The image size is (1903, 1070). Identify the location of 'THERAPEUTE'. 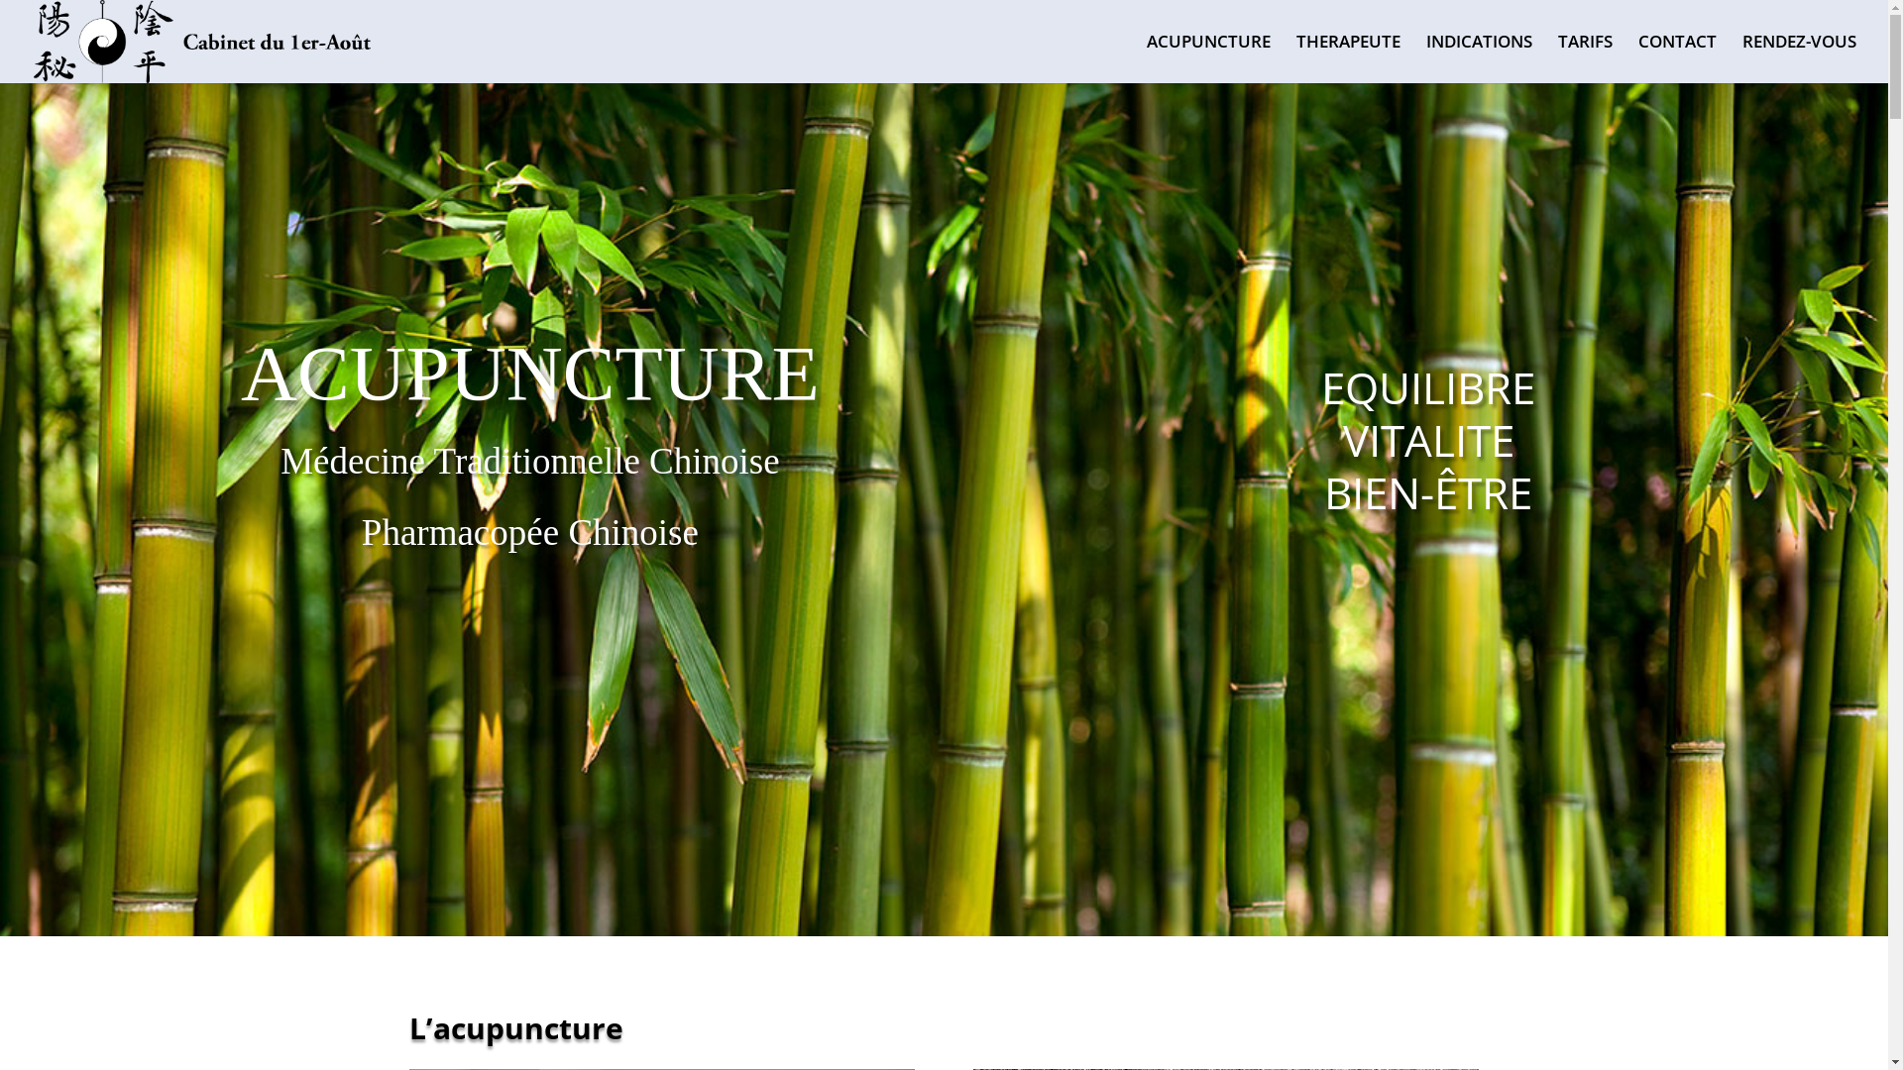
(1348, 57).